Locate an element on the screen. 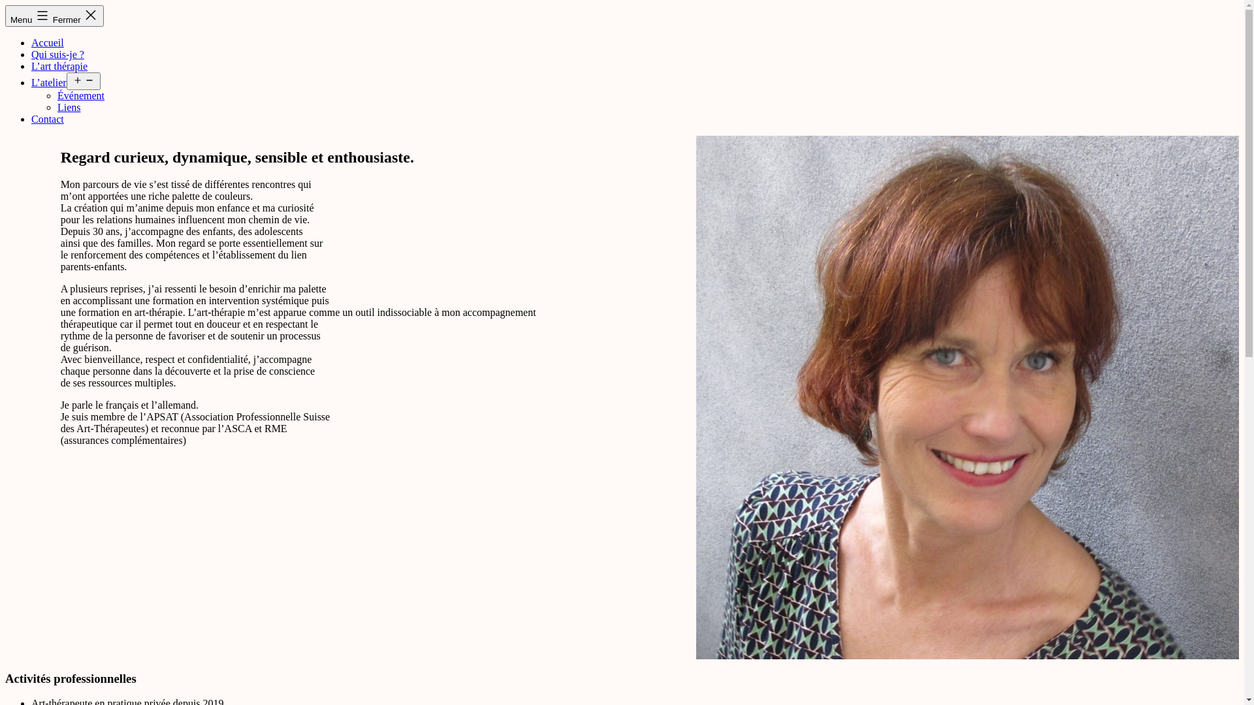  'Liens' is located at coordinates (68, 106).